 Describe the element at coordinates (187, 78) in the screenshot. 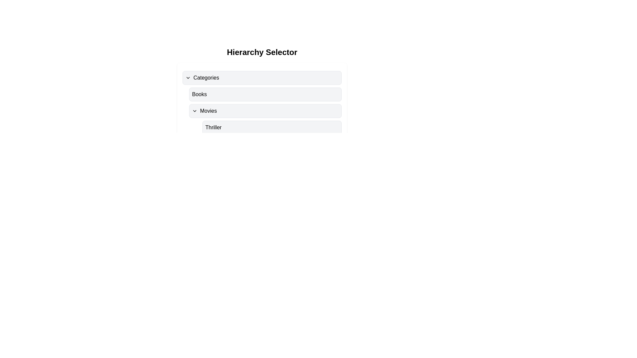

I see `the downward-facing chevron icon adjacent to the text 'Categories'` at that location.